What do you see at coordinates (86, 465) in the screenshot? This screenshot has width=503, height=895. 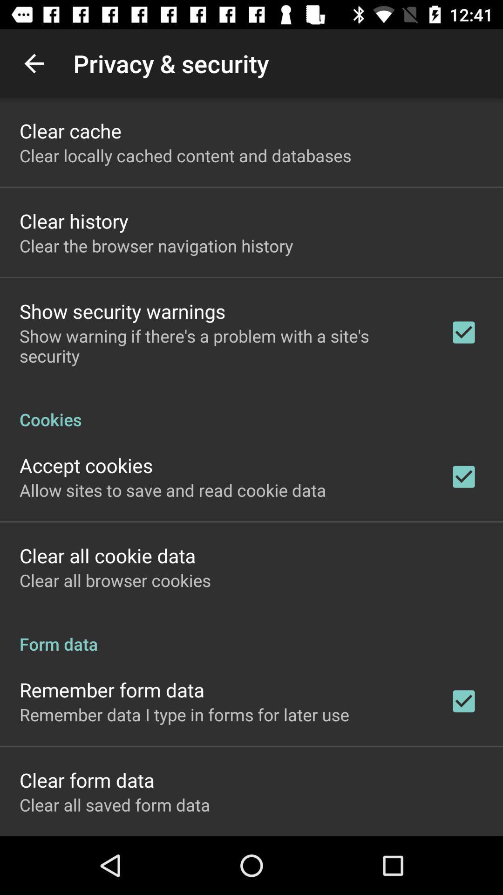 I see `the icon above allow sites to` at bounding box center [86, 465].